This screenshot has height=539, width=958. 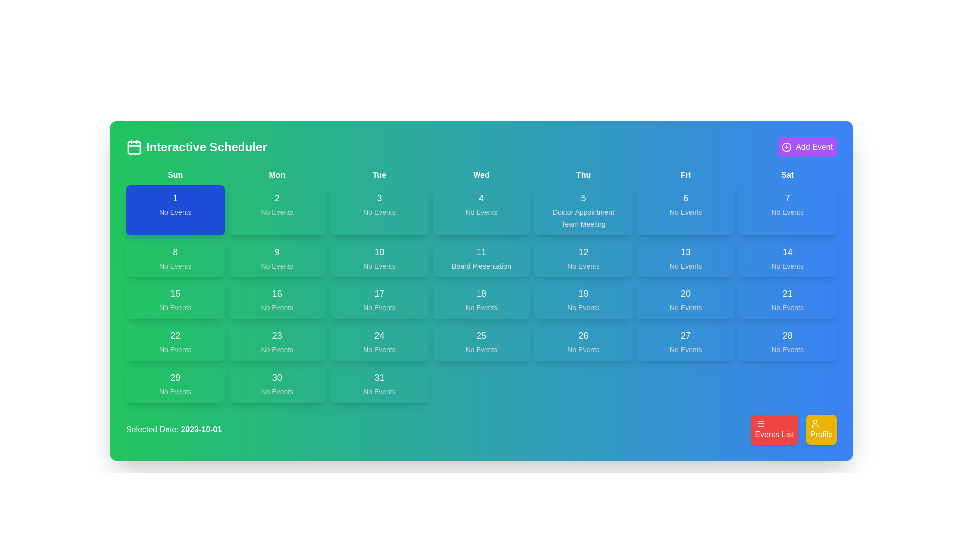 I want to click on the calendar button representing the 19th of the month, located, so click(x=583, y=299).